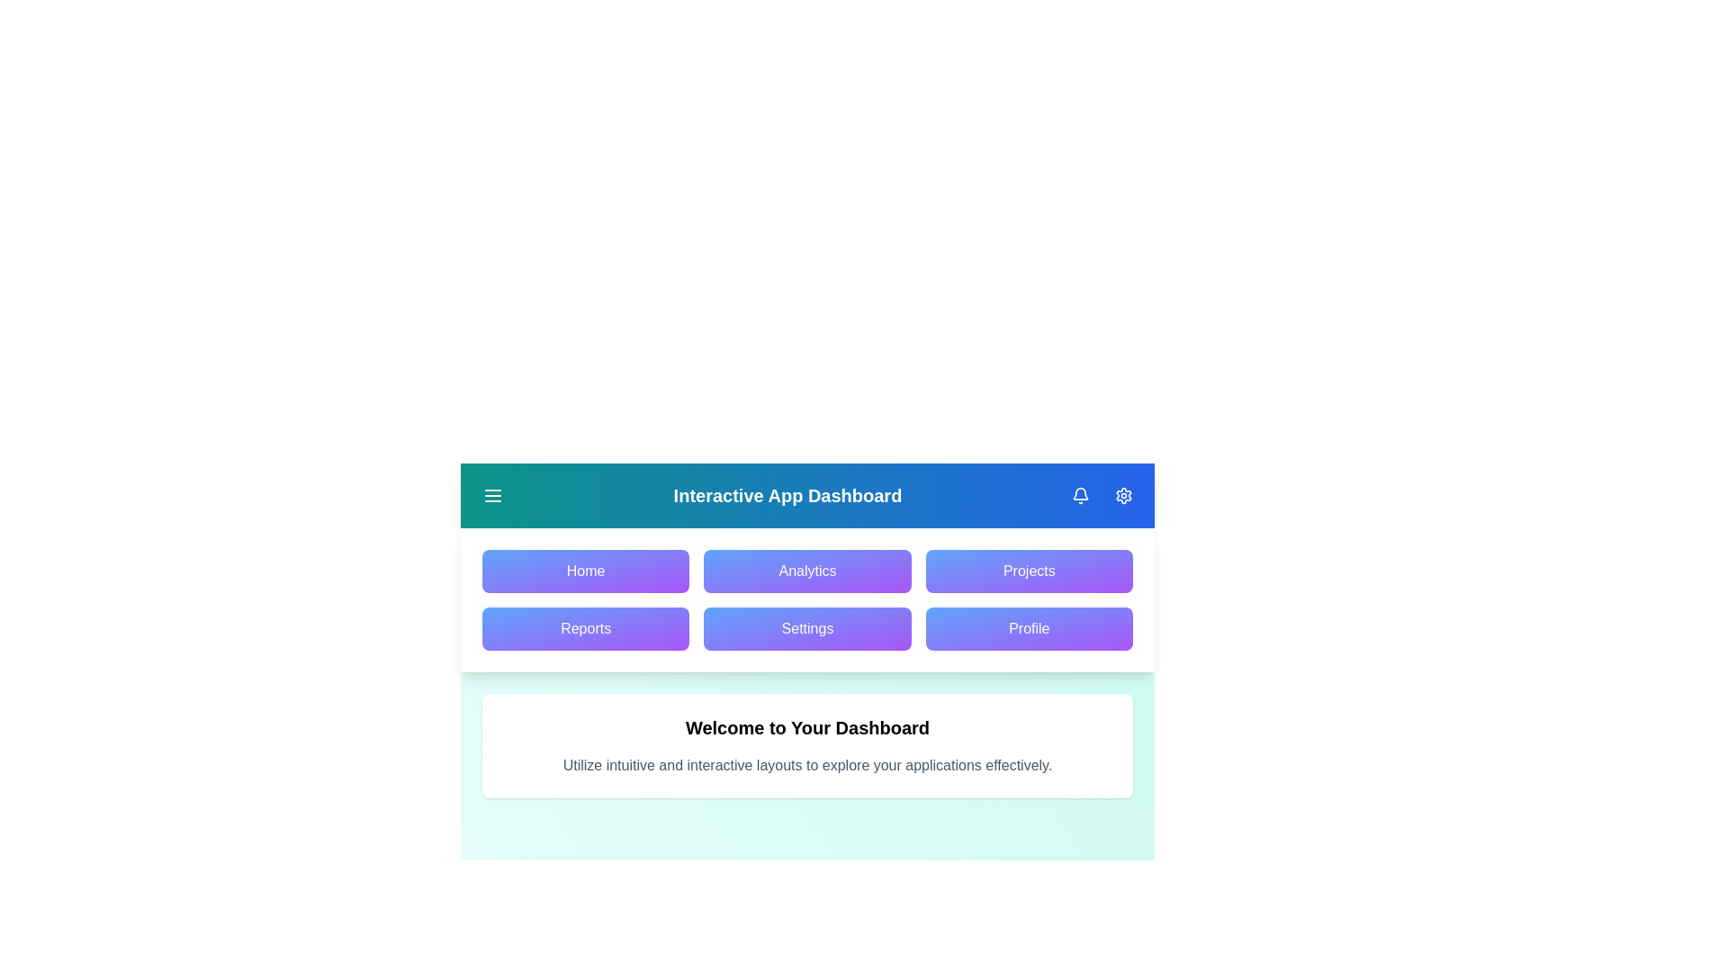 Image resolution: width=1728 pixels, height=972 pixels. Describe the element at coordinates (1029, 571) in the screenshot. I see `the navigation menu item Projects` at that location.